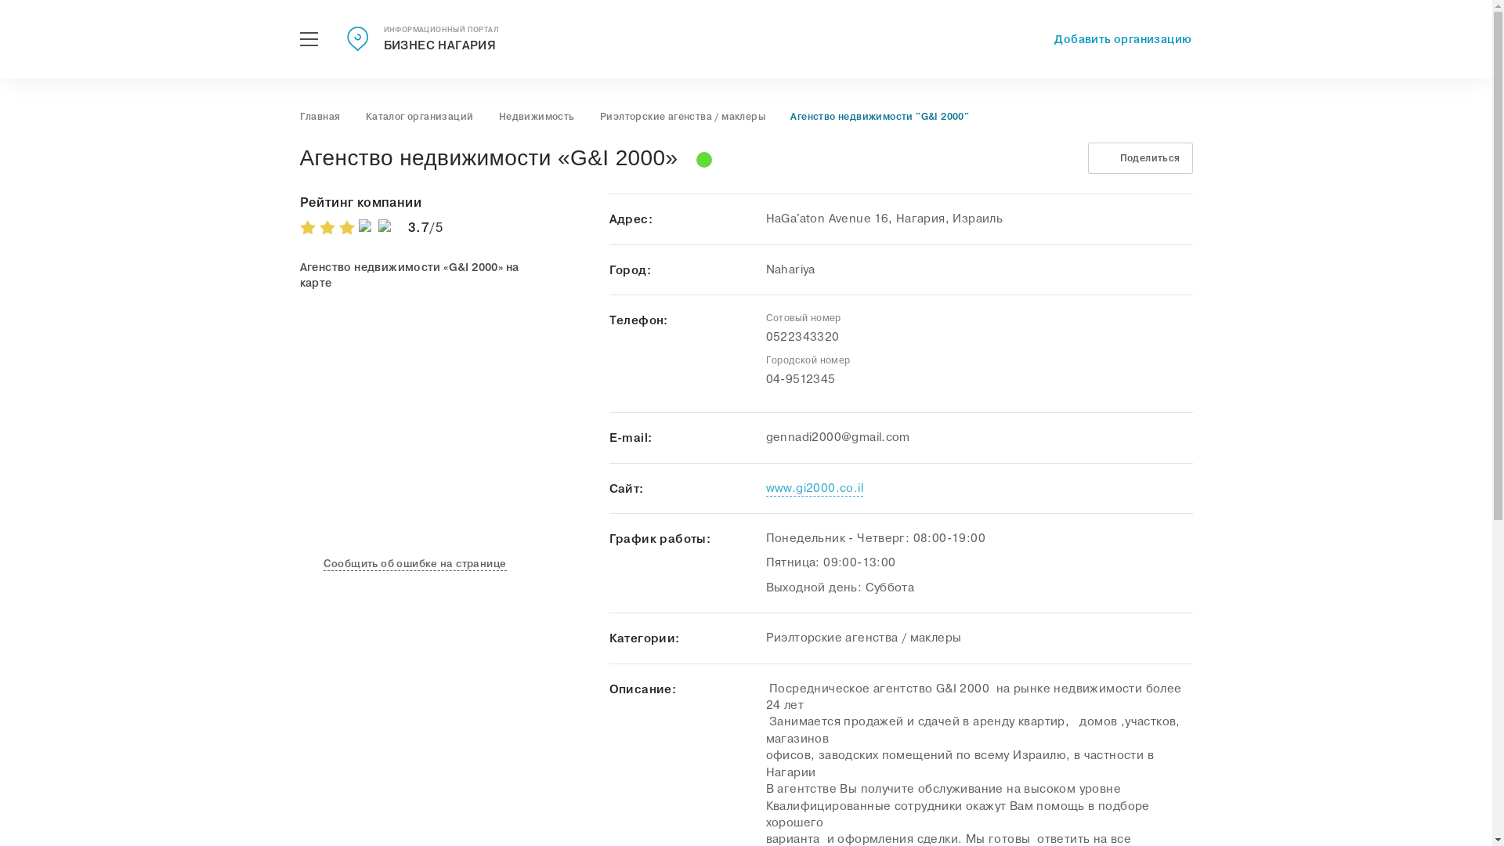 The width and height of the screenshot is (1504, 846). I want to click on '04-9512345', so click(801, 379).